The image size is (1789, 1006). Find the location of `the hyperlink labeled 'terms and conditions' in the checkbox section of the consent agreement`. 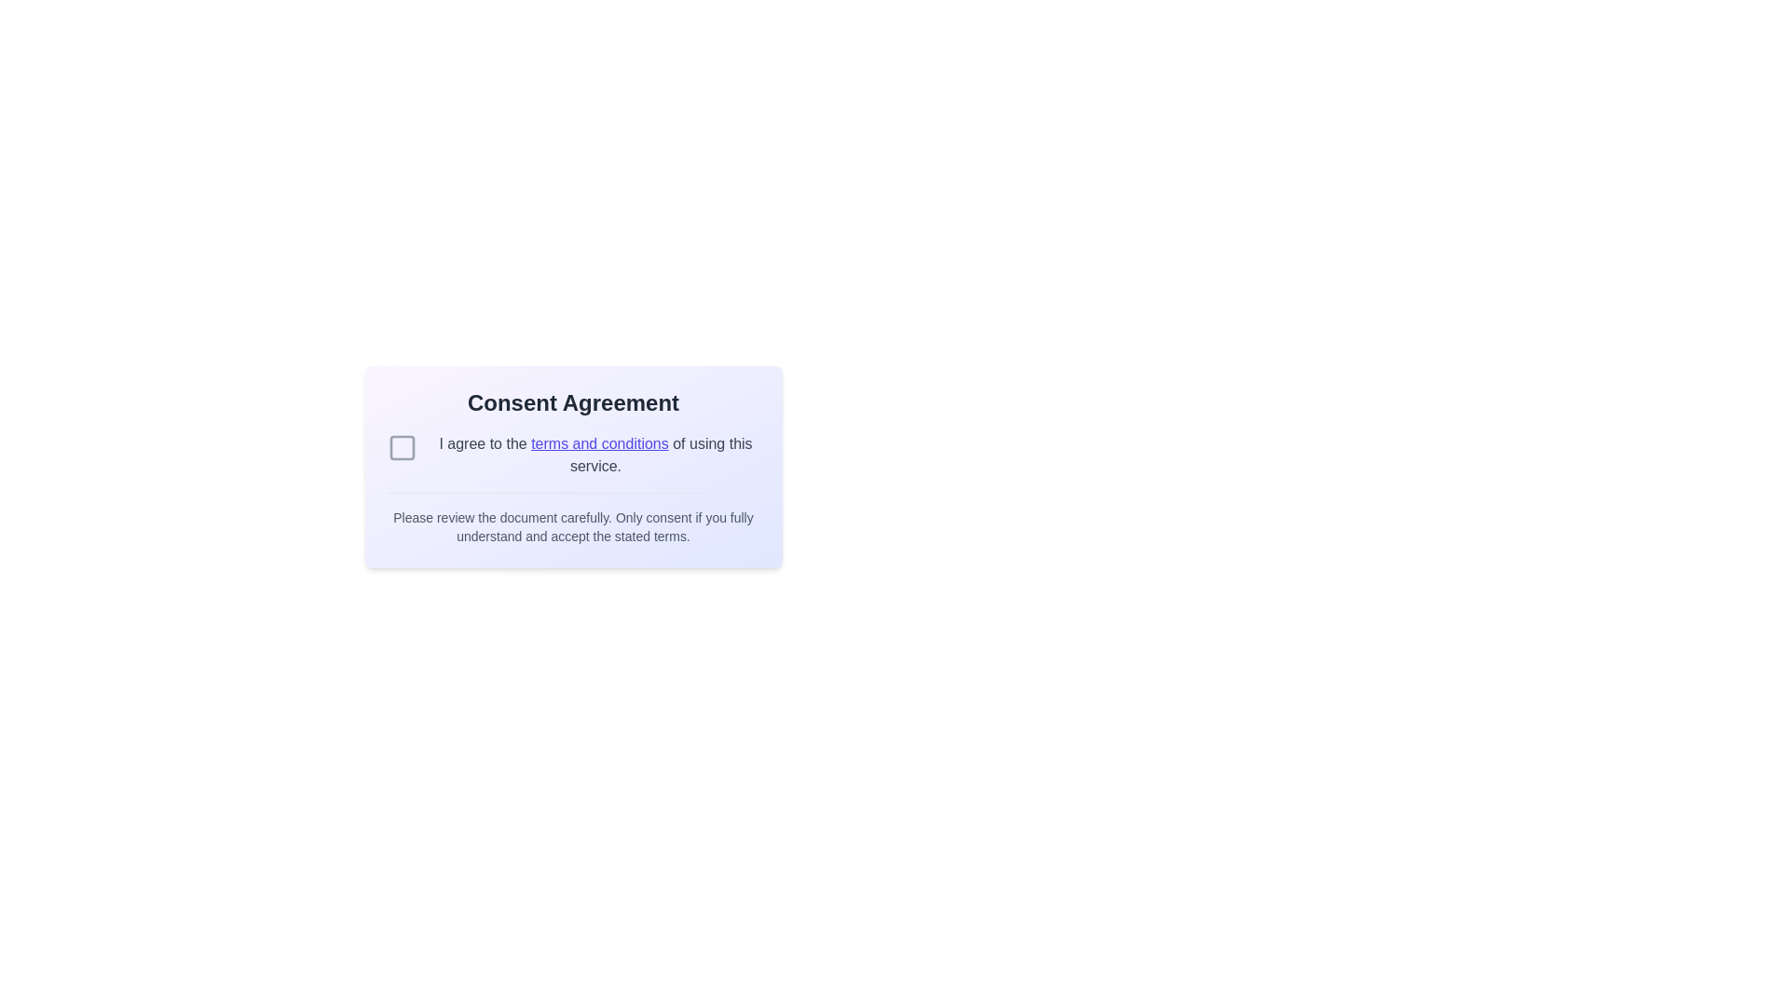

the hyperlink labeled 'terms and conditions' in the checkbox section of the consent agreement is located at coordinates (572, 455).